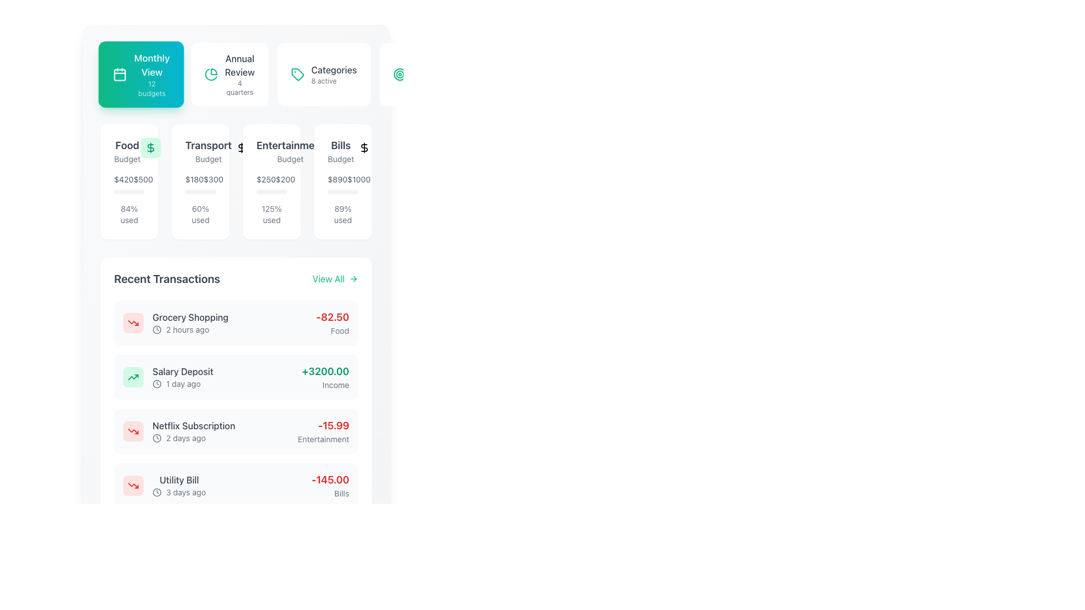  What do you see at coordinates (239, 87) in the screenshot?
I see `text label located below the 'Annual Review' section, which provides additional context for that section` at bounding box center [239, 87].